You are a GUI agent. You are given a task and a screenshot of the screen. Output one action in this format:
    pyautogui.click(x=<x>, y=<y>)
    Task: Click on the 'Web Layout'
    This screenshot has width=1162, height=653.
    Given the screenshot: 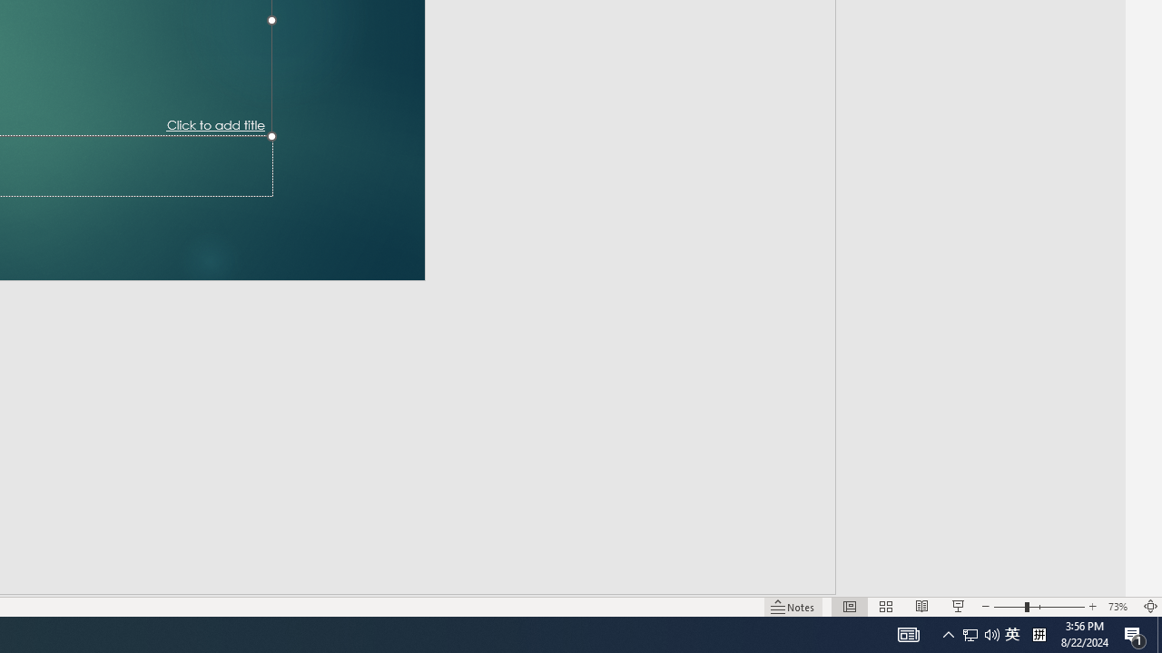 What is the action you would take?
    pyautogui.click(x=893, y=580)
    